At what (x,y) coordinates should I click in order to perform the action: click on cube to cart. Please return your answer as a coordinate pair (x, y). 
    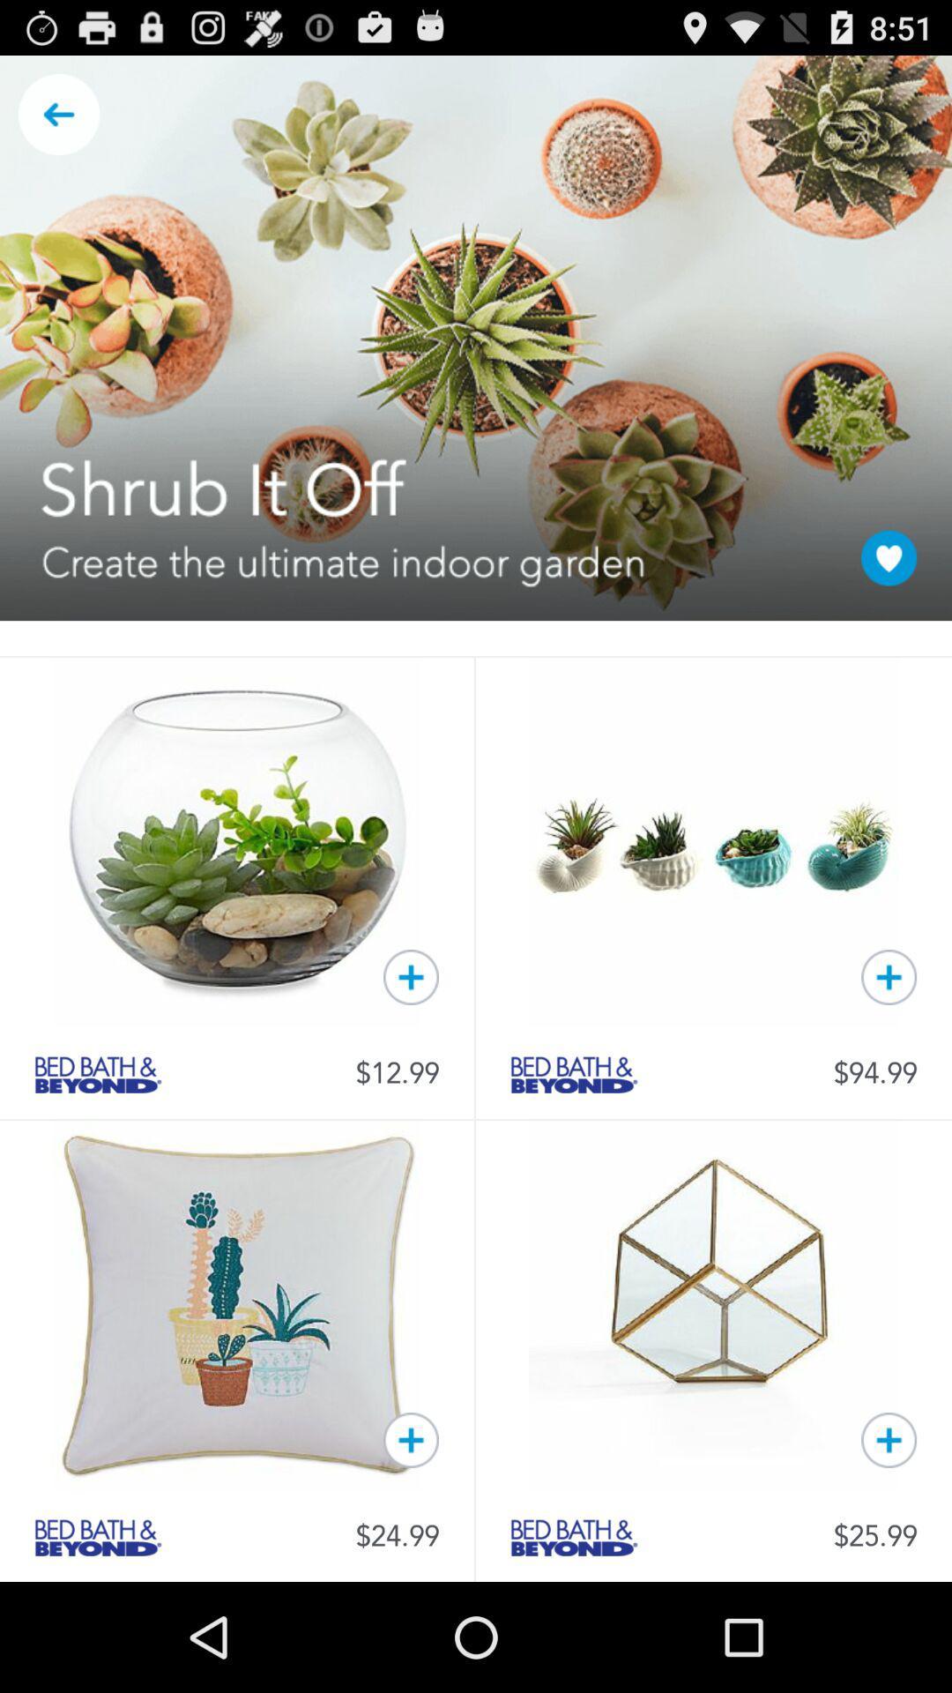
    Looking at the image, I should click on (889, 1440).